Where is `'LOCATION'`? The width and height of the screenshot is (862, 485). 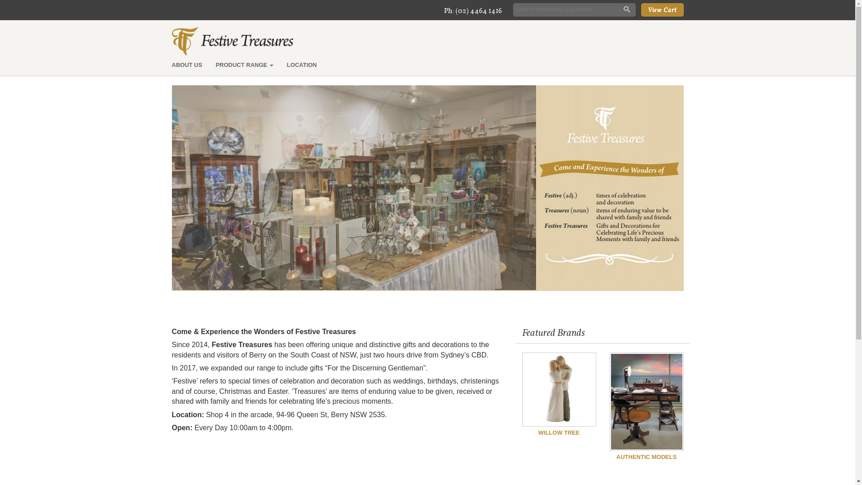 'LOCATION' is located at coordinates (302, 65).